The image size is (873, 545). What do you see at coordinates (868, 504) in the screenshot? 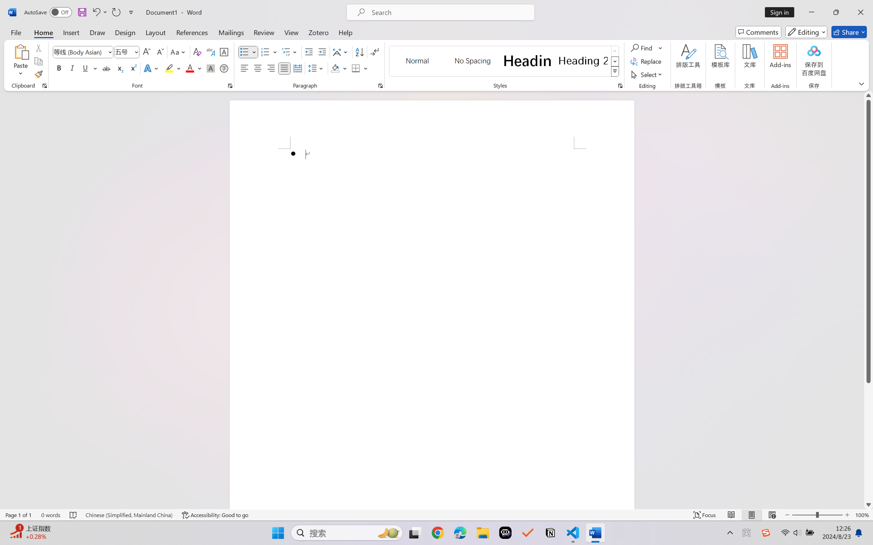
I see `'Line down'` at bounding box center [868, 504].